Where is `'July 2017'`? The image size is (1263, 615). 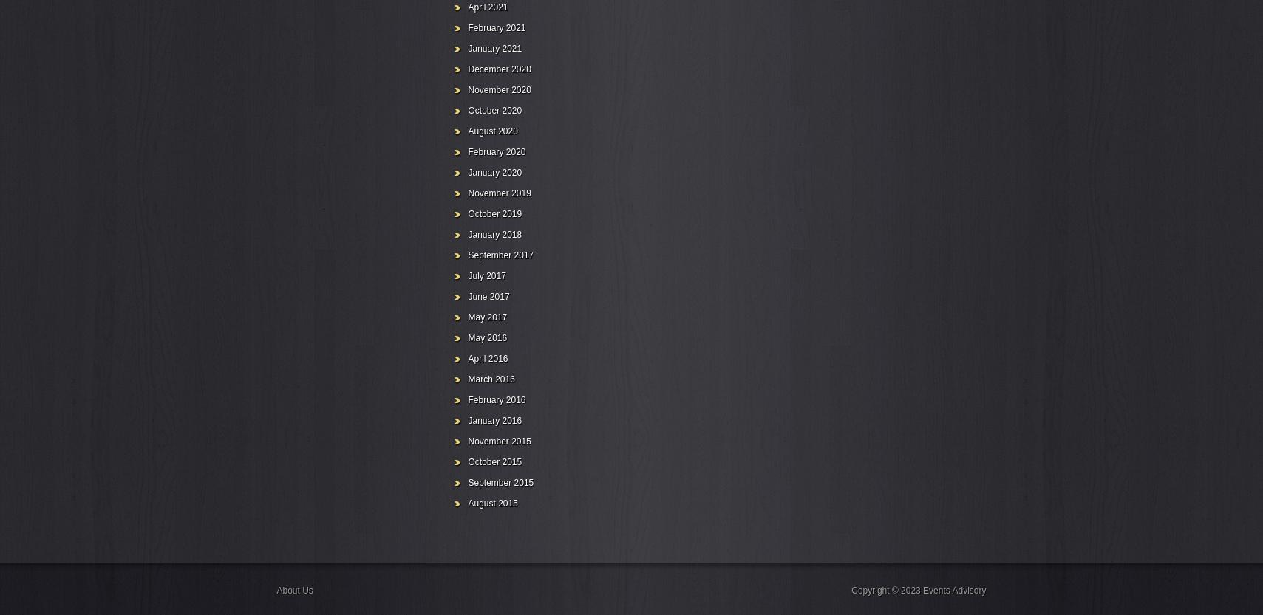
'July 2017' is located at coordinates (486, 276).